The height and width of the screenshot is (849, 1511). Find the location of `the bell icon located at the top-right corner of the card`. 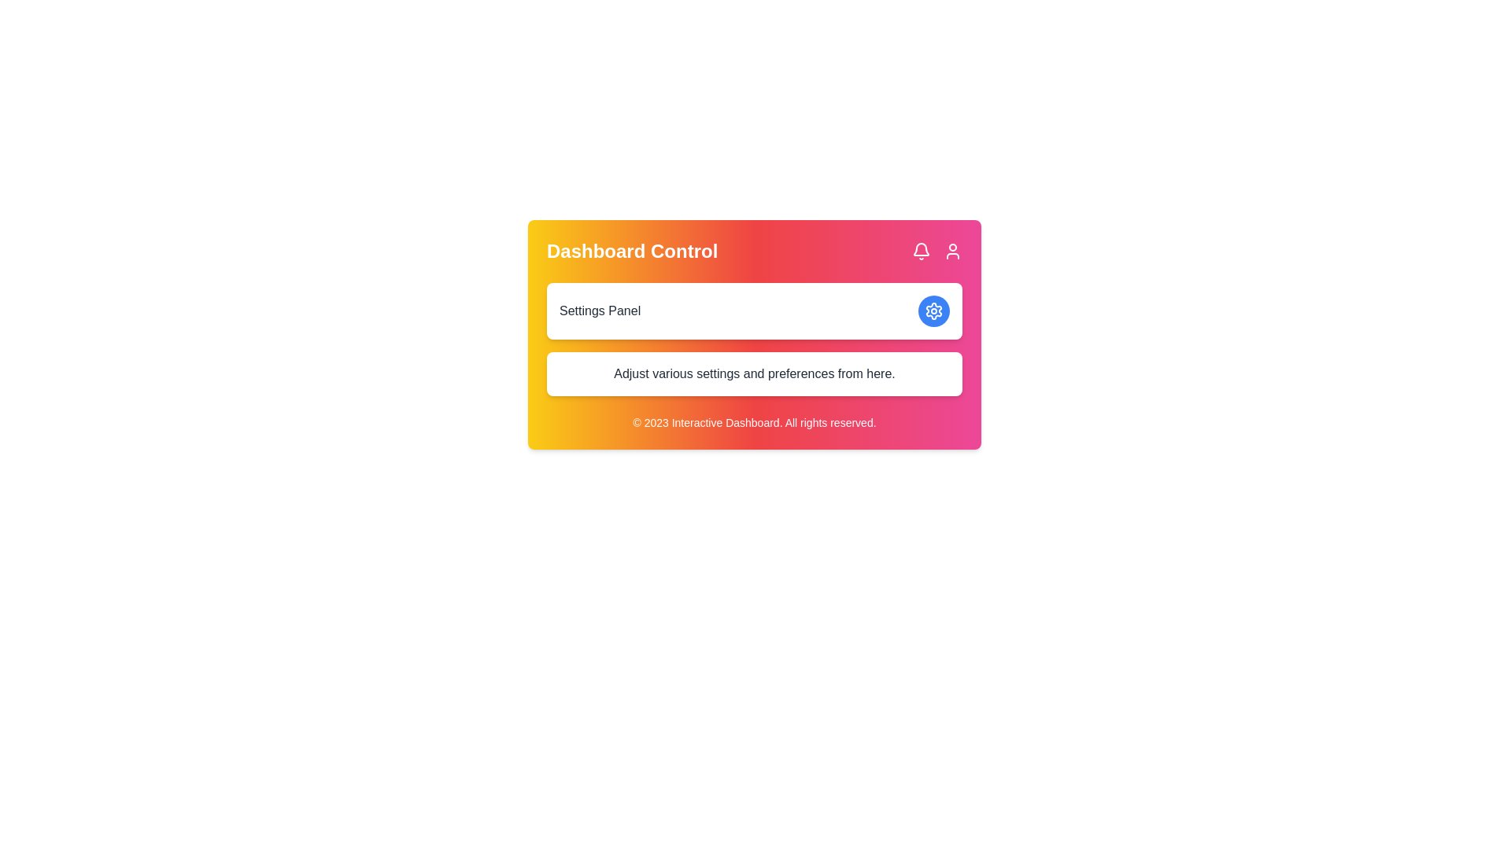

the bell icon located at the top-right corner of the card is located at coordinates (922, 251).